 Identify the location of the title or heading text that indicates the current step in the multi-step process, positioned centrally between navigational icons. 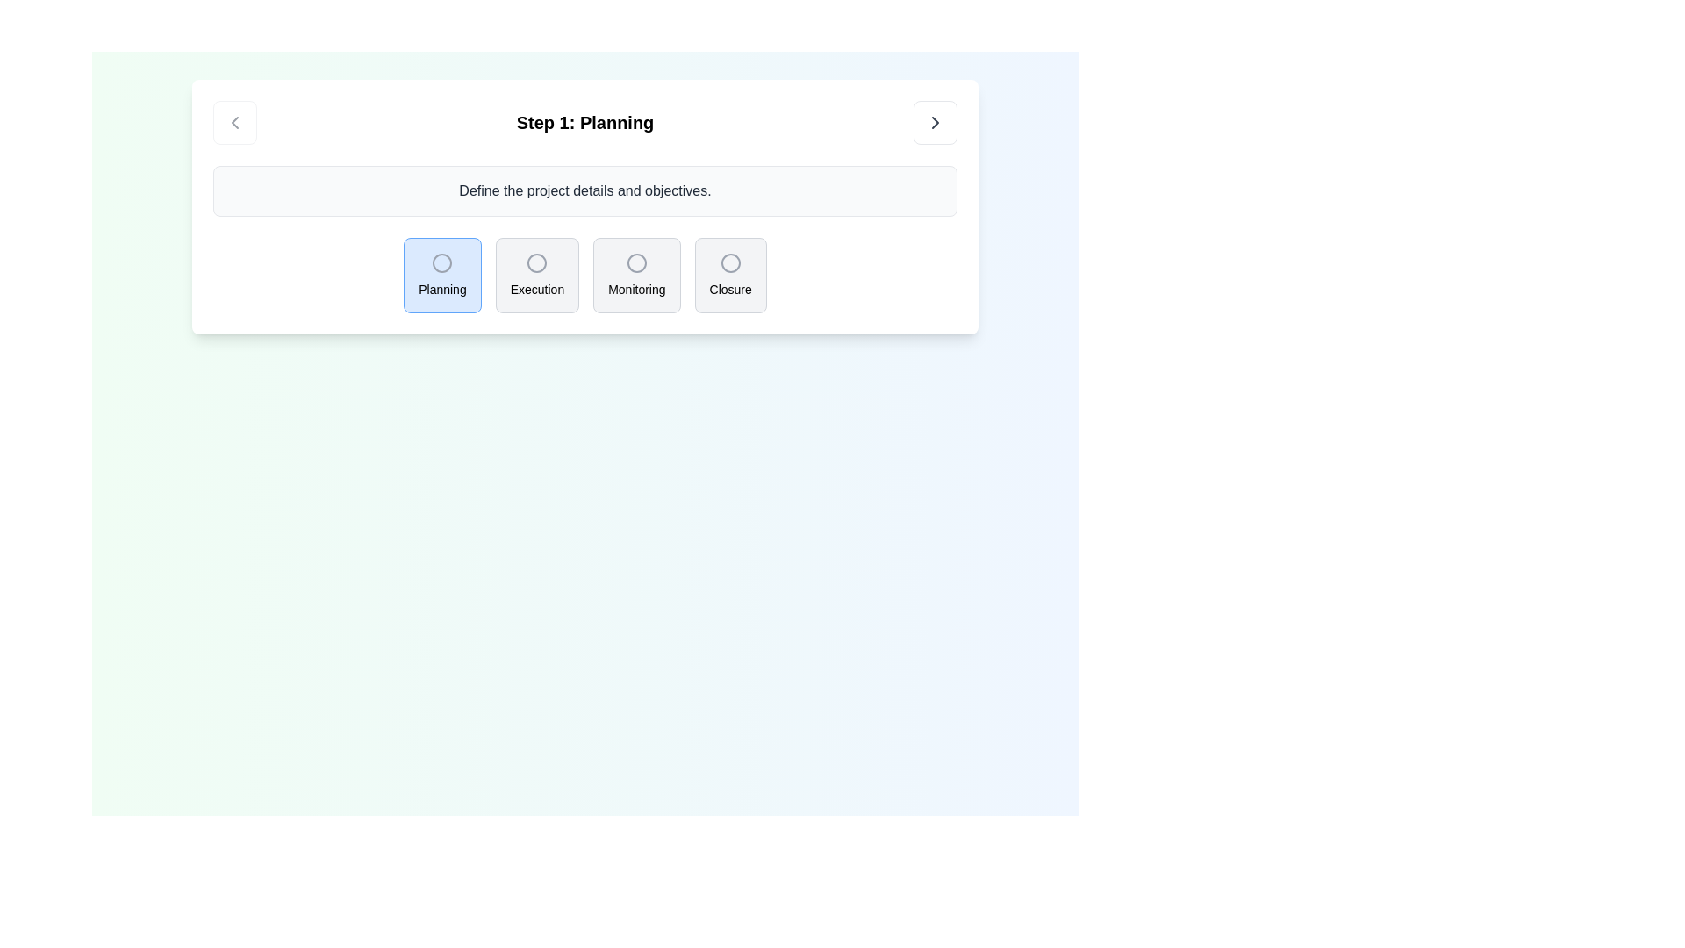
(585, 121).